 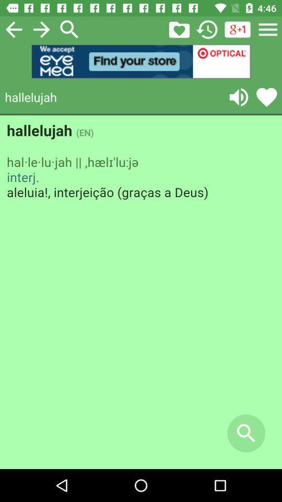 I want to click on volume option, so click(x=239, y=97).